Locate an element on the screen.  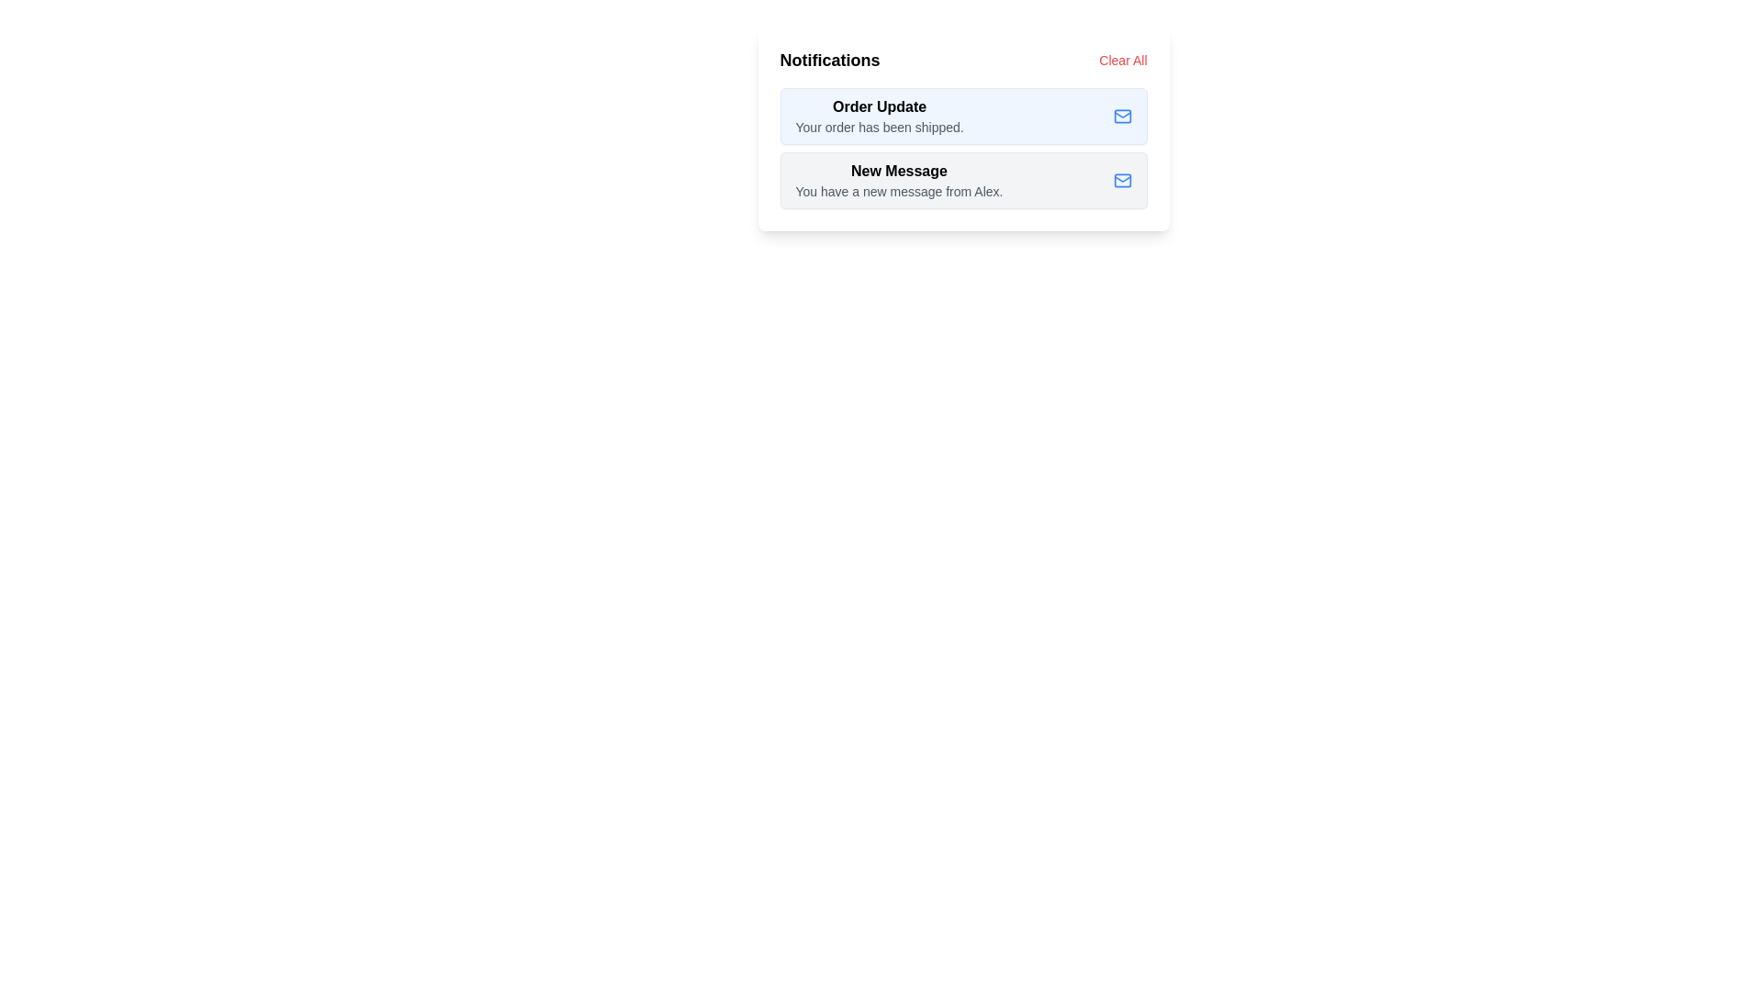
the details of the mail icon, which is blue with a white envelope outline and located next to the 'Order Update' text is located at coordinates (1121, 117).